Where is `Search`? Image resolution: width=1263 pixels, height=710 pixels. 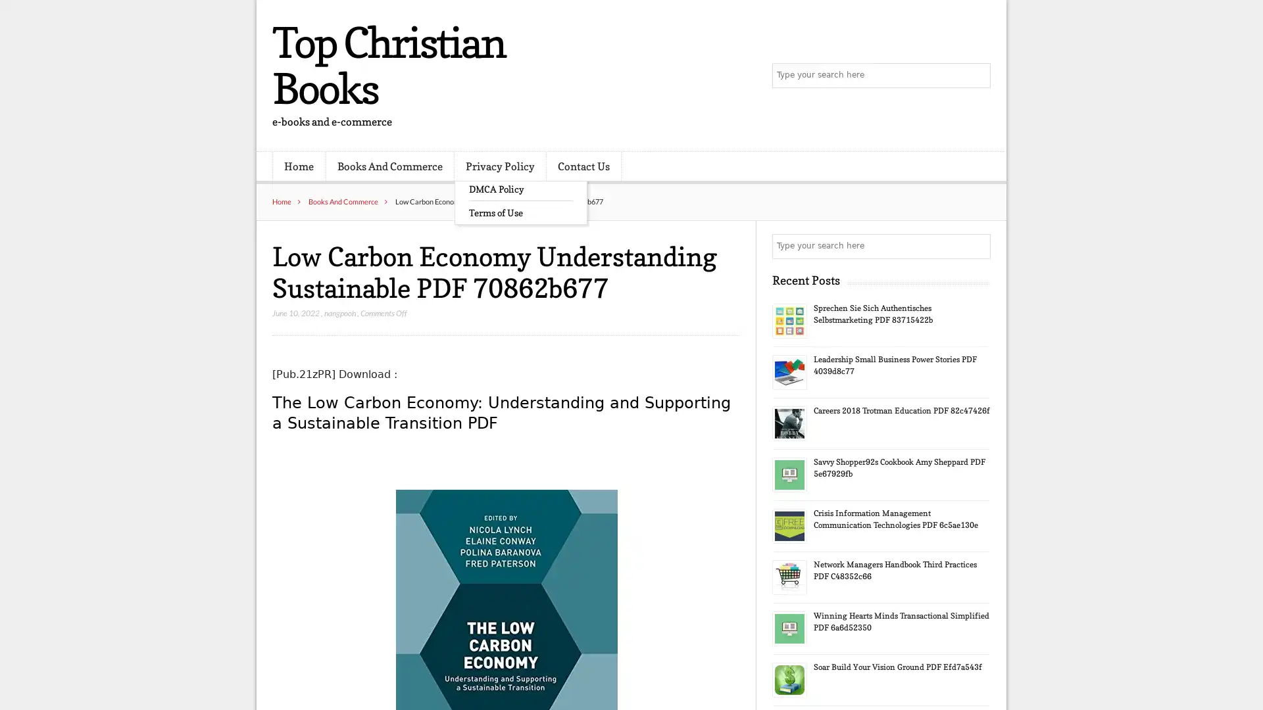
Search is located at coordinates (977, 76).